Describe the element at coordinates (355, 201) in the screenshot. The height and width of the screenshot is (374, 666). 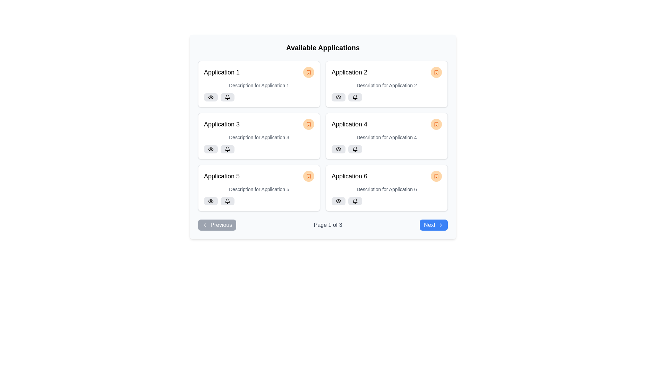
I see `the bell icon in the second column of the bottom row of the grid layout` at that location.